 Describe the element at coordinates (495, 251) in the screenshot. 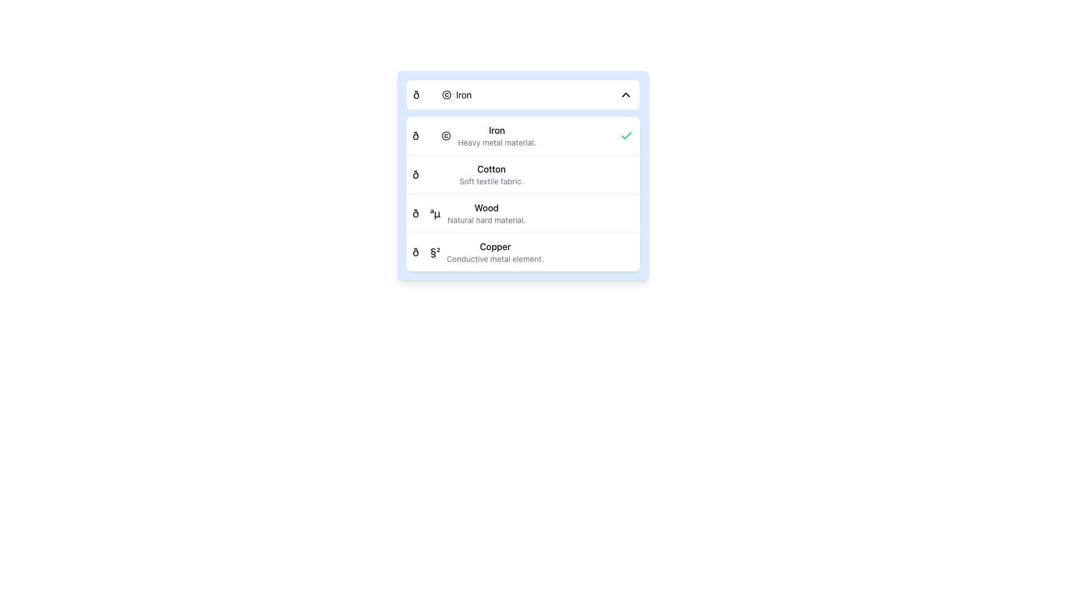

I see `the dropdown option labeled 'Copper'` at that location.